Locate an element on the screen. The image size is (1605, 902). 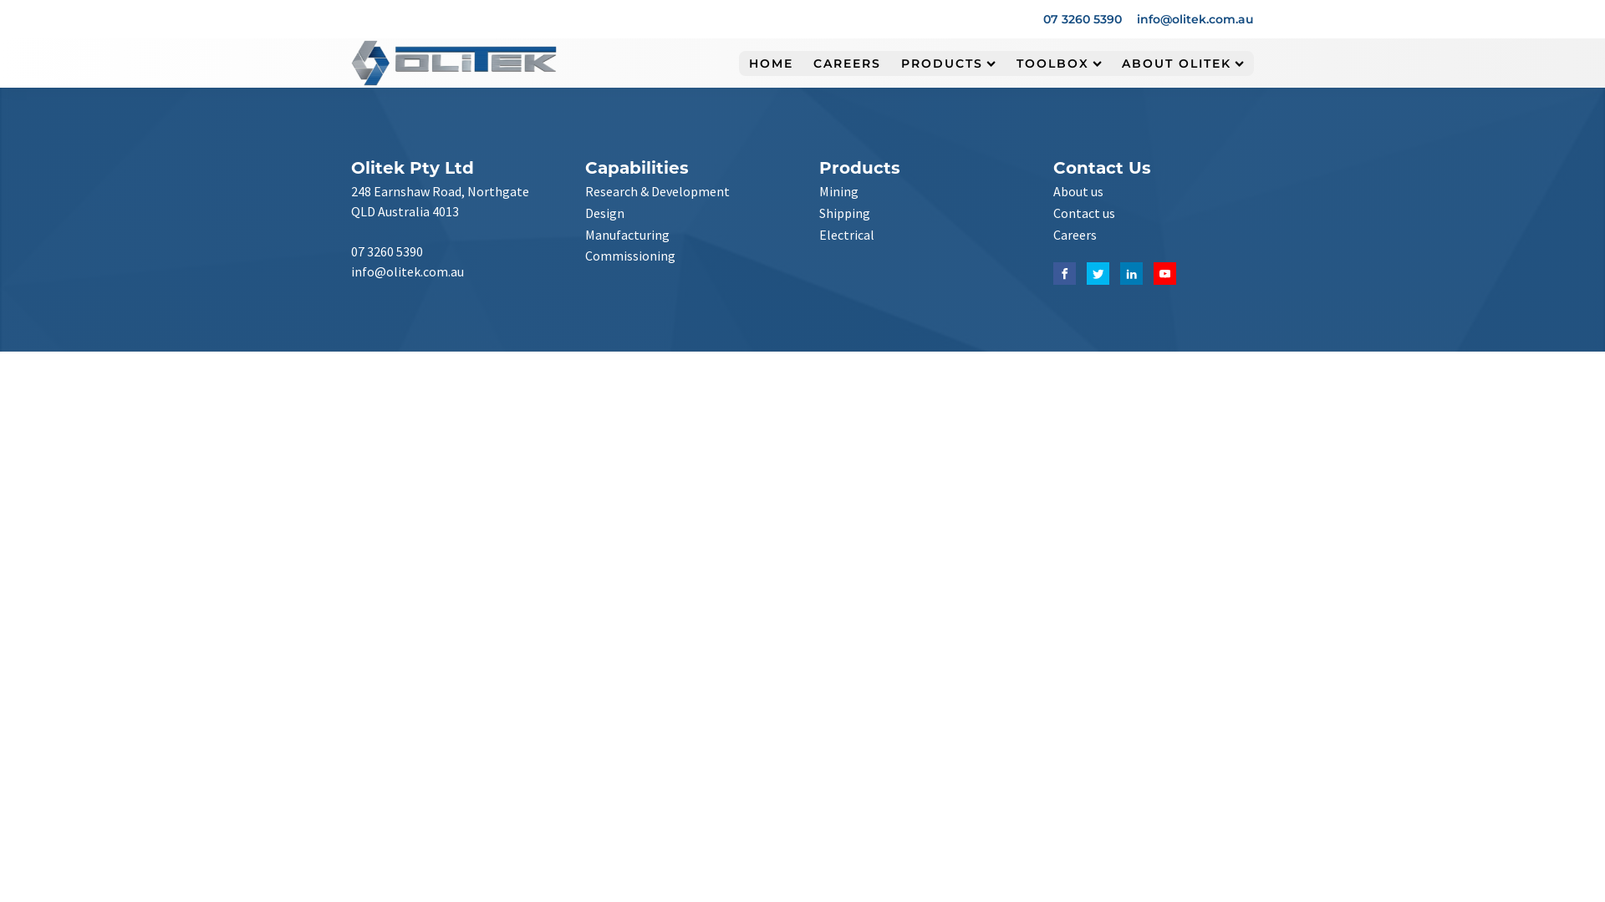
'TOOLBOX' is located at coordinates (1058, 63).